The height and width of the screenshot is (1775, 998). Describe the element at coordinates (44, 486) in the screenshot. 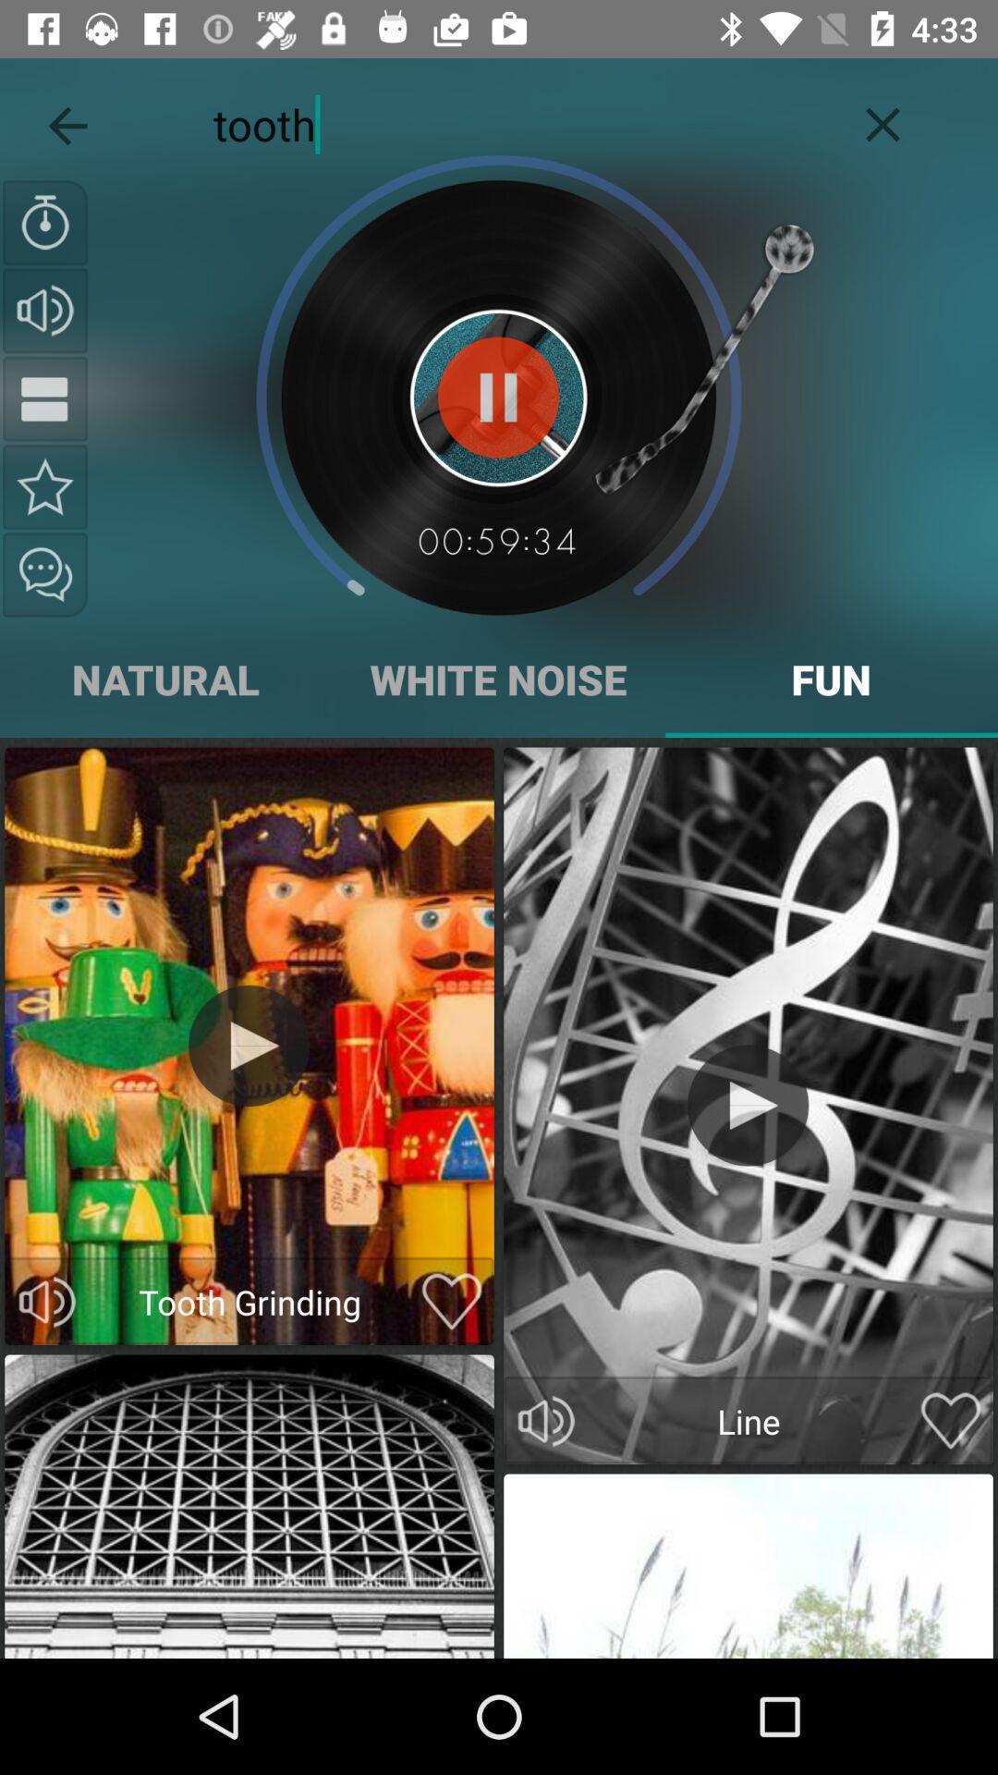

I see `mark as favorite` at that location.